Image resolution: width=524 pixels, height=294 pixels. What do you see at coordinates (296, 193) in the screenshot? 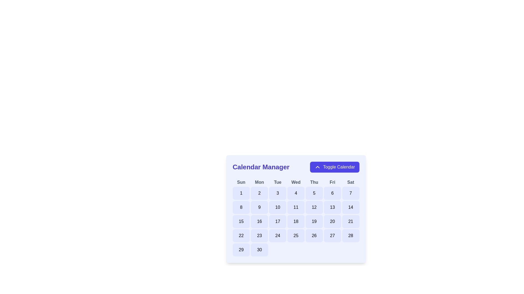
I see `the button corresponding to the date '4'` at bounding box center [296, 193].